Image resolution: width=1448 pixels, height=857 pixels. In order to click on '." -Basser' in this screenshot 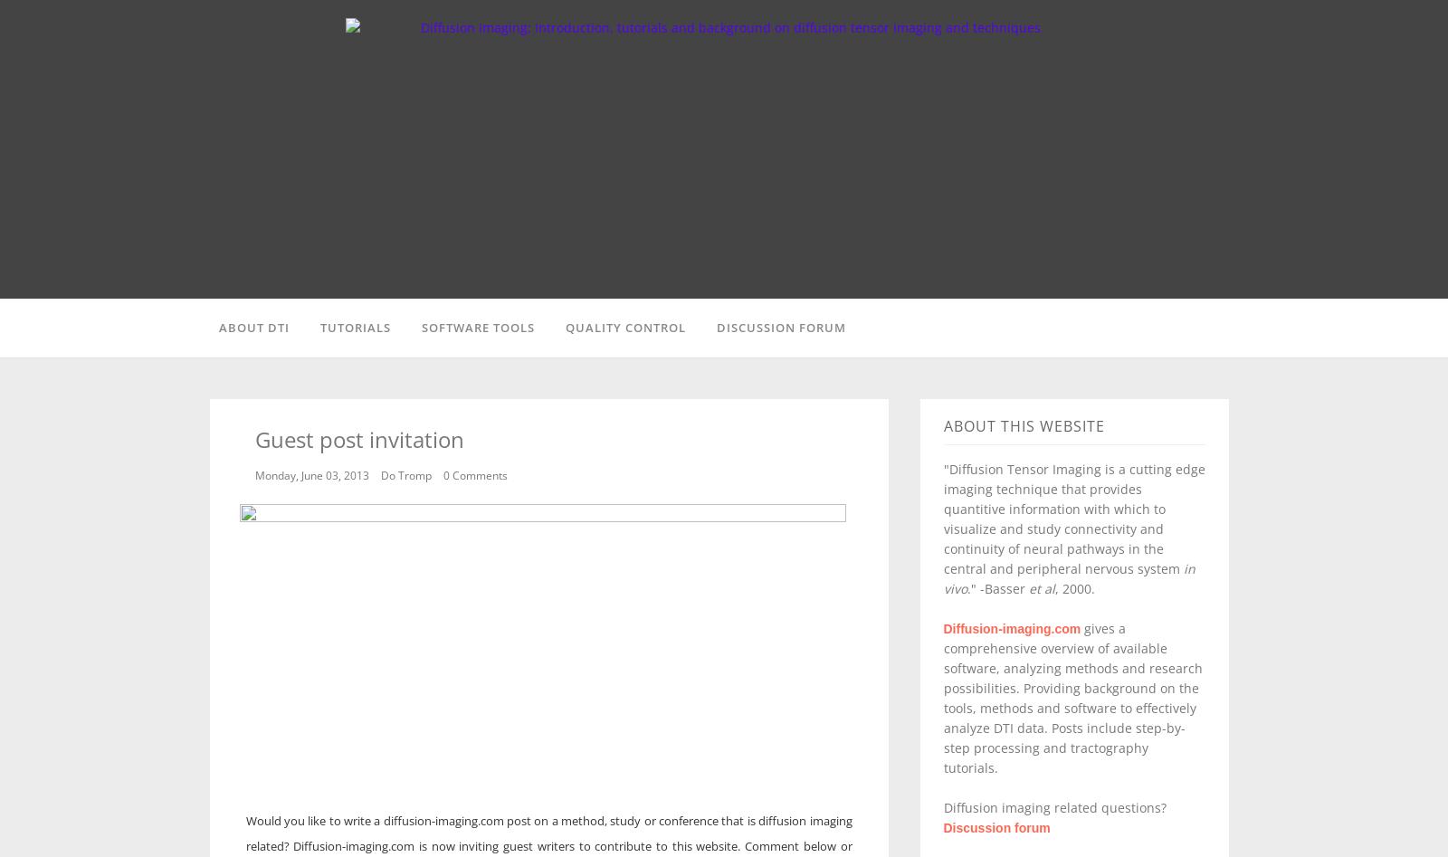, I will do `click(996, 588)`.